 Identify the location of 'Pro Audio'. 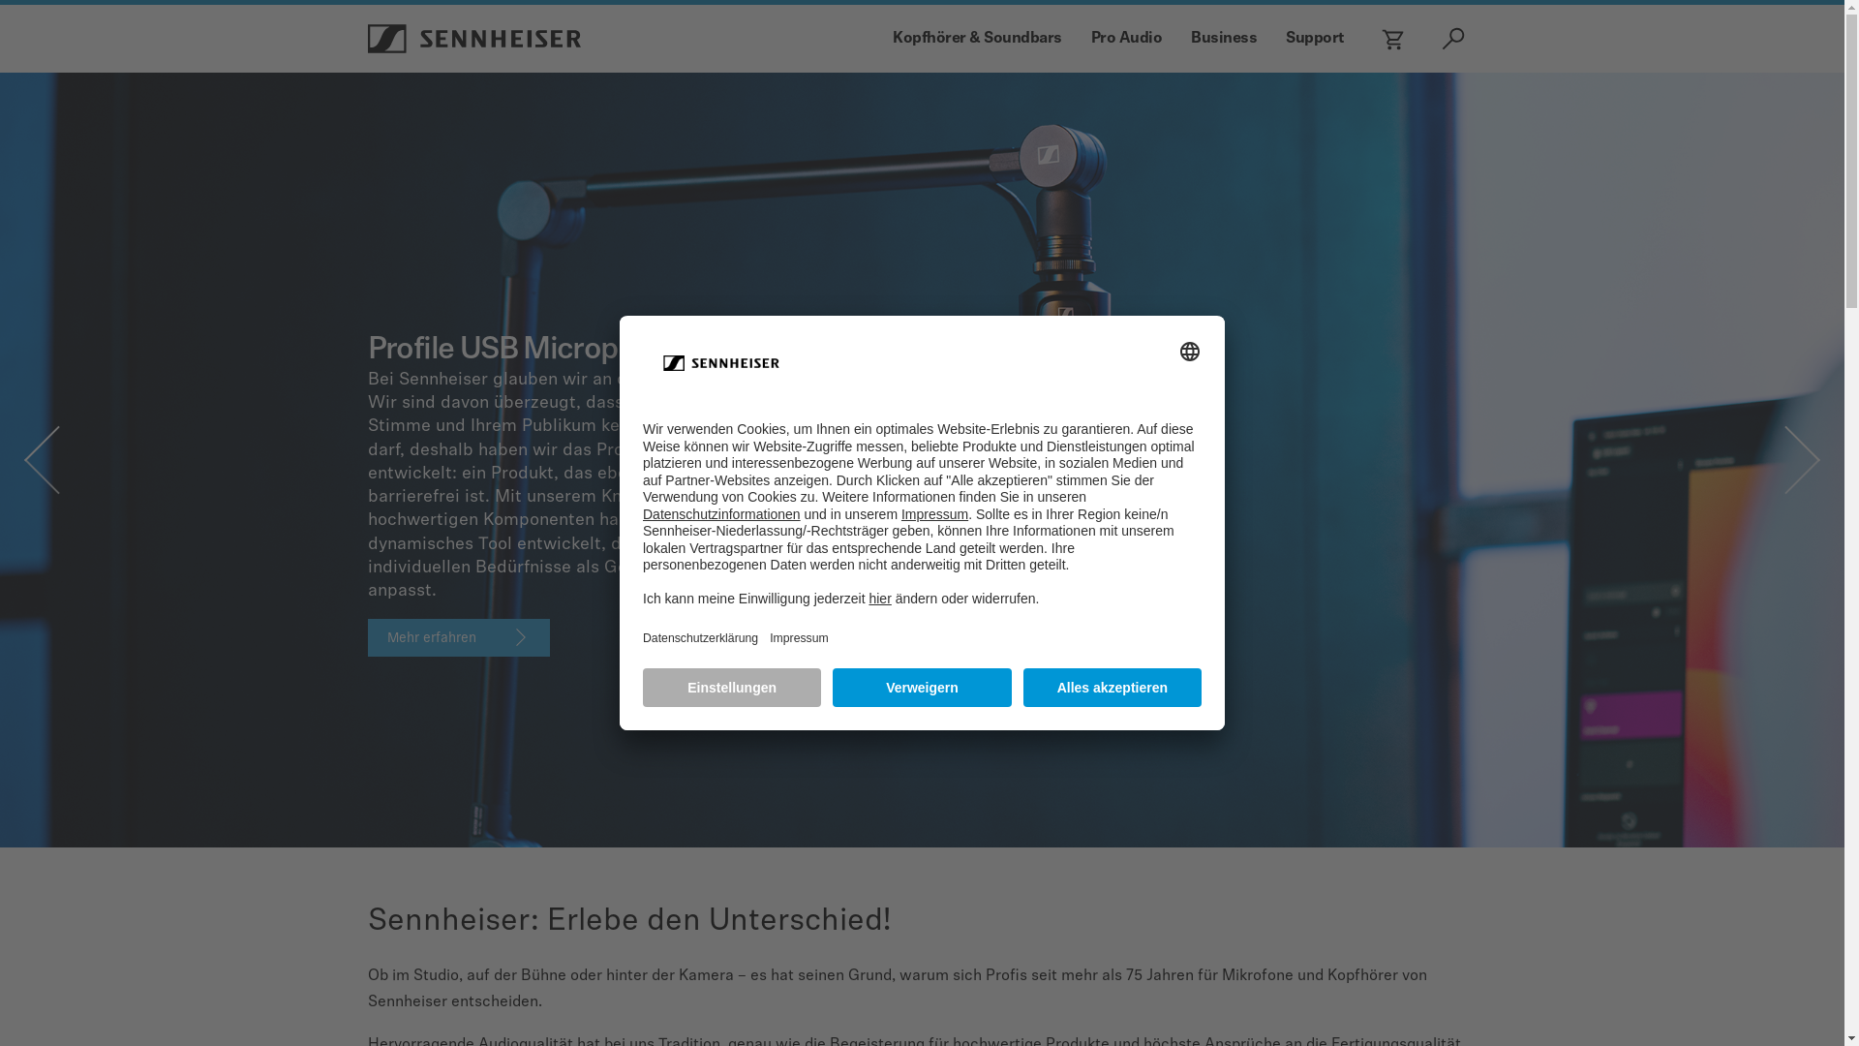
(1090, 38).